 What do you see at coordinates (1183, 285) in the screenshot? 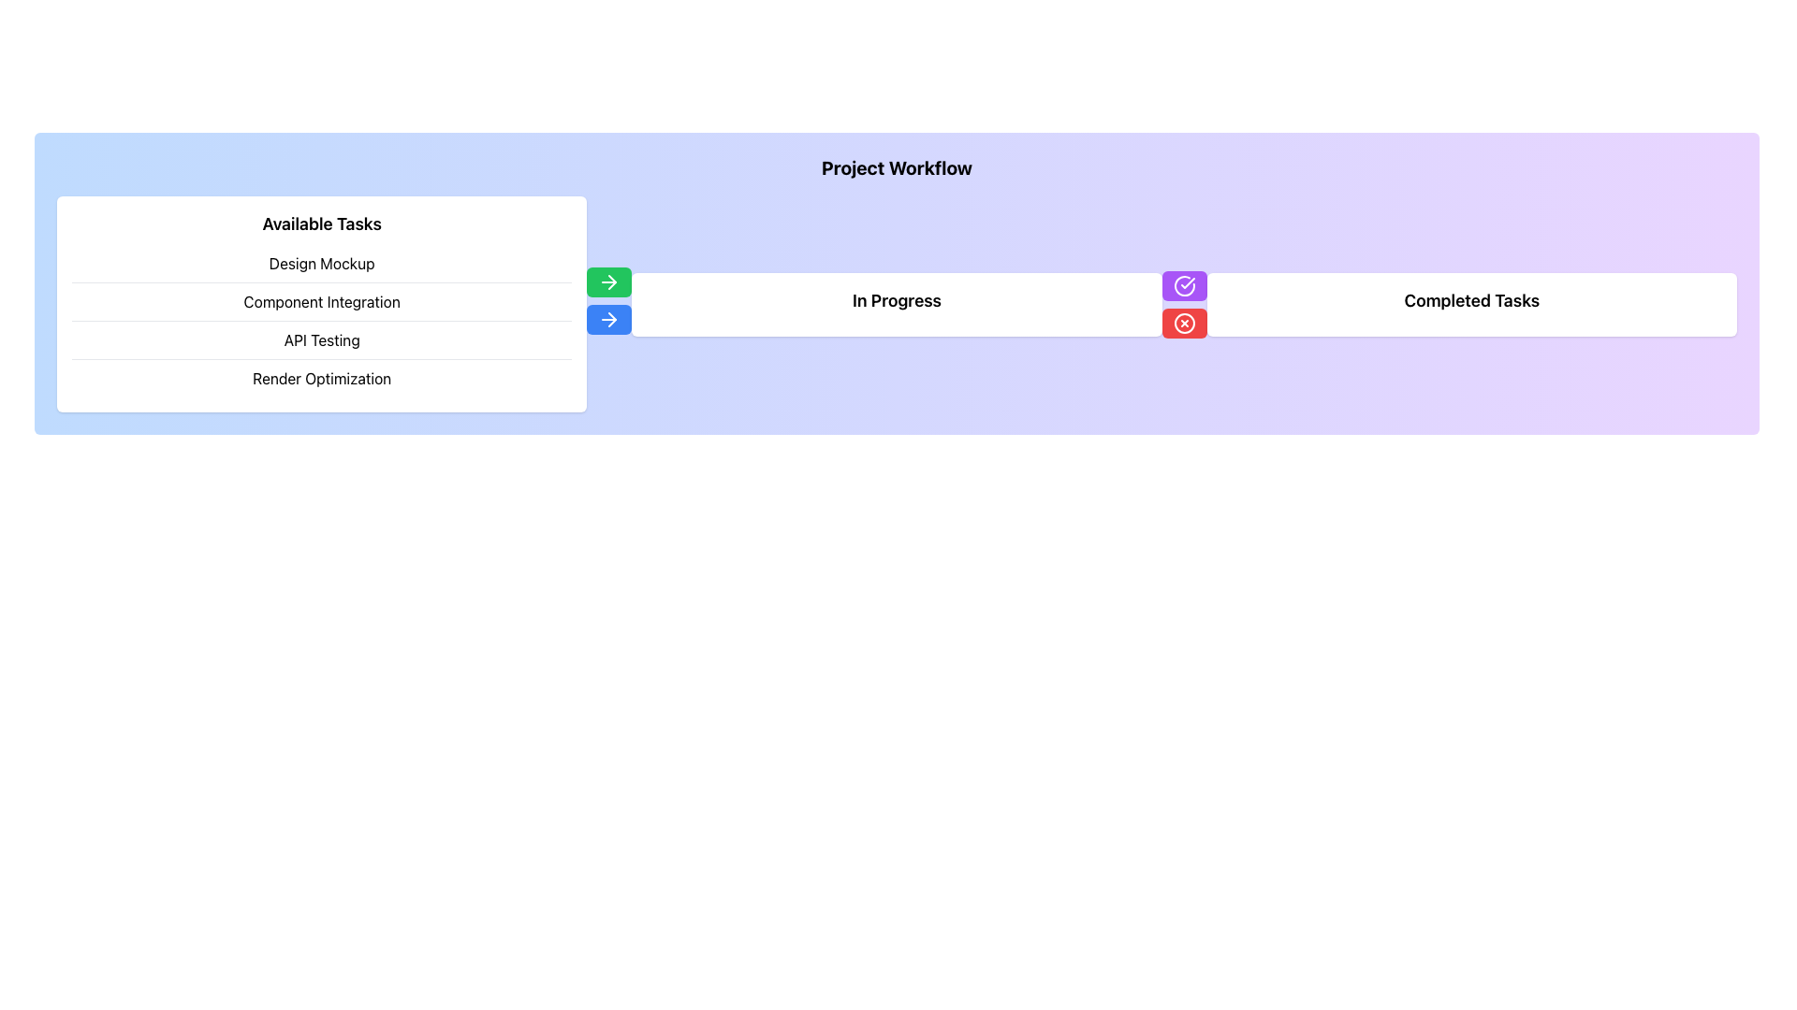
I see `the button in the 'In Progress' section that marks tasks as completed or verified` at bounding box center [1183, 285].